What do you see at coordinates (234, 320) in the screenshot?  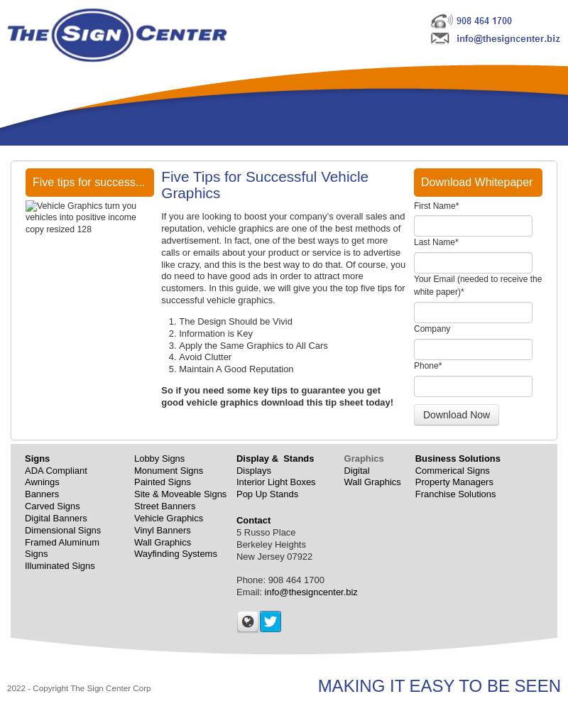 I see `'The Design Should be Vivid'` at bounding box center [234, 320].